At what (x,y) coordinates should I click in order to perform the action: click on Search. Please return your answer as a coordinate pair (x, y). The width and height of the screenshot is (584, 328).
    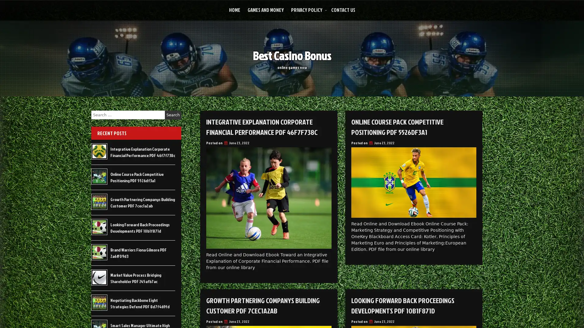
    Looking at the image, I should click on (173, 115).